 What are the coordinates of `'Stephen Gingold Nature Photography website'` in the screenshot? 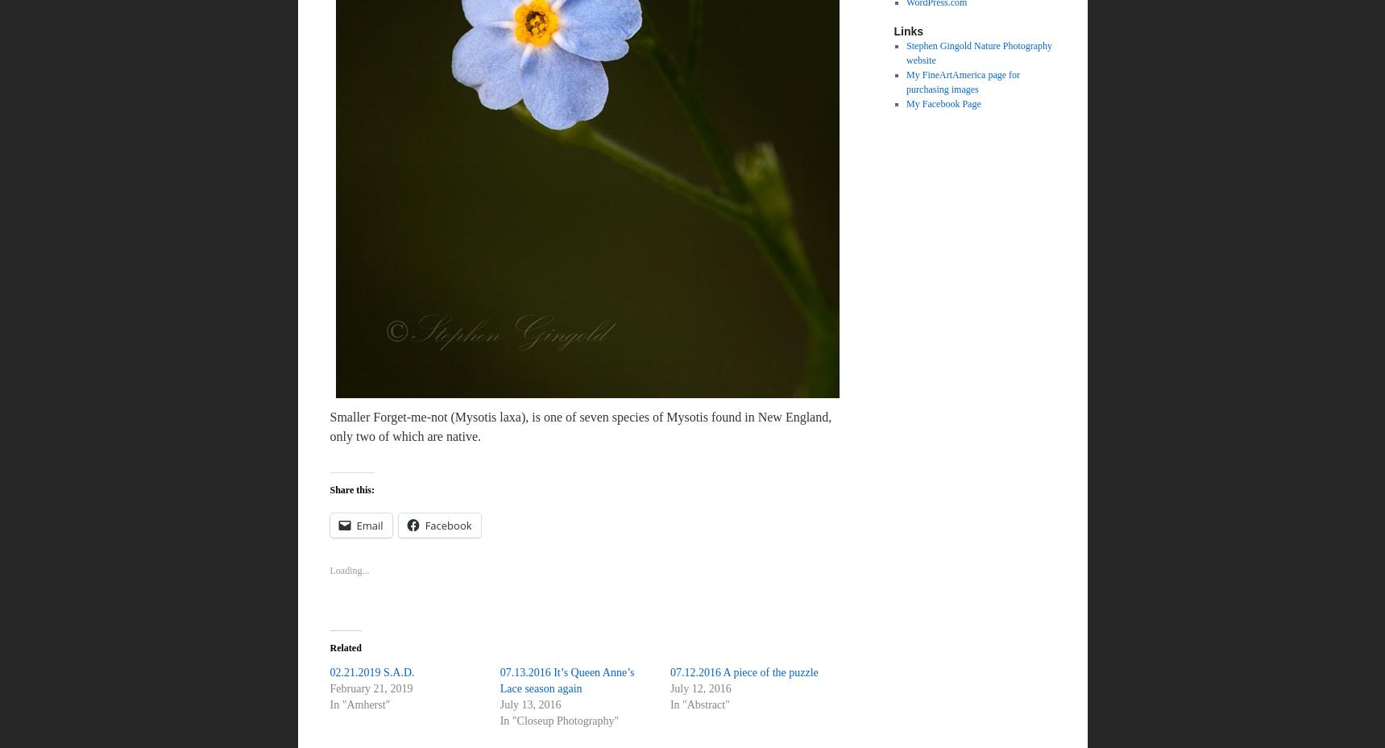 It's located at (979, 52).